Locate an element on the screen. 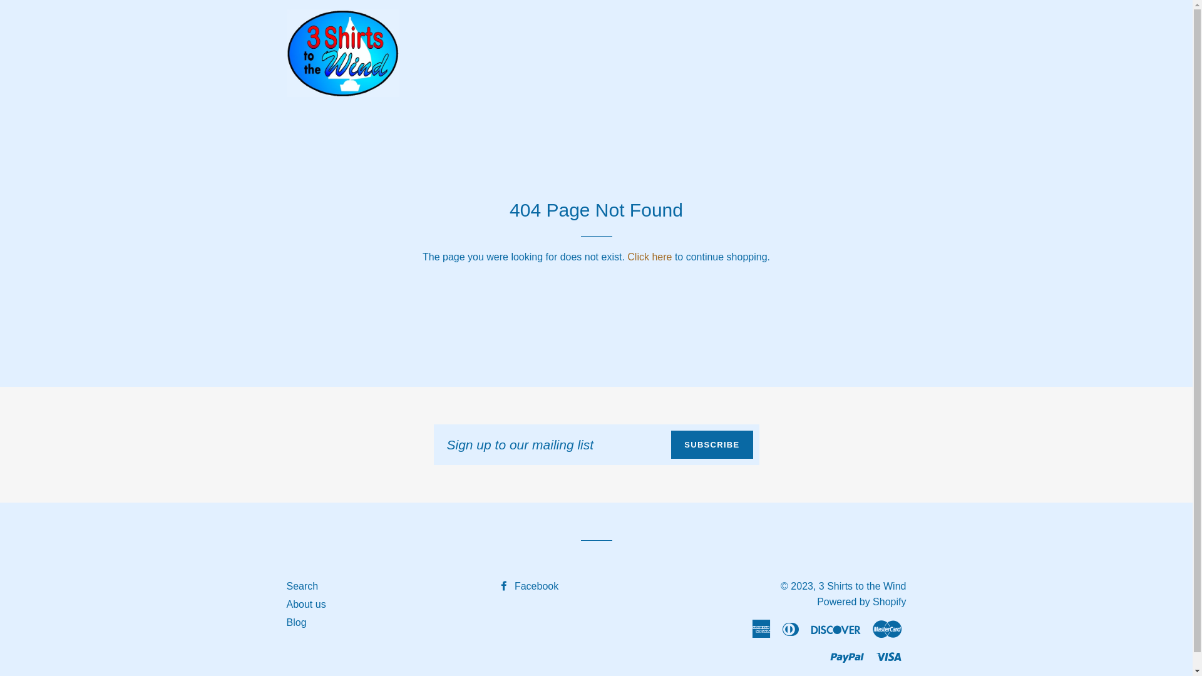 The image size is (1202, 676). 'Search' is located at coordinates (302, 586).